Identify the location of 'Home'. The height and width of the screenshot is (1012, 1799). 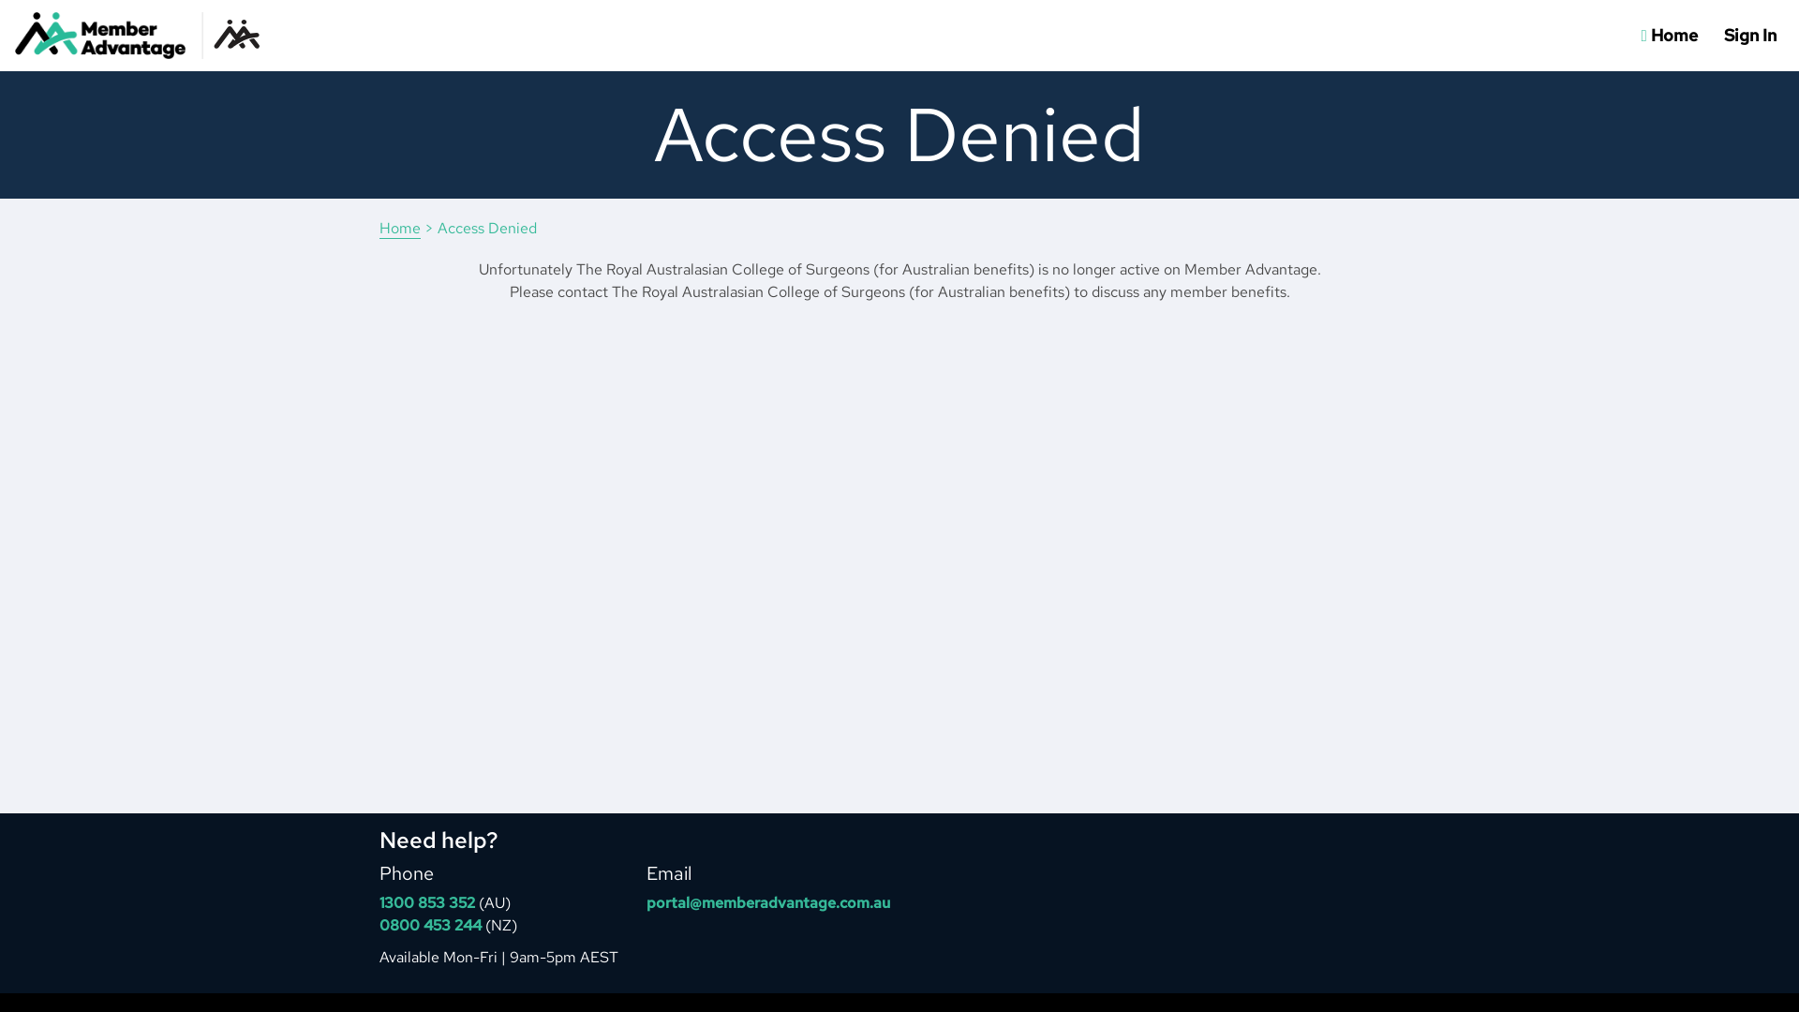
(378, 227).